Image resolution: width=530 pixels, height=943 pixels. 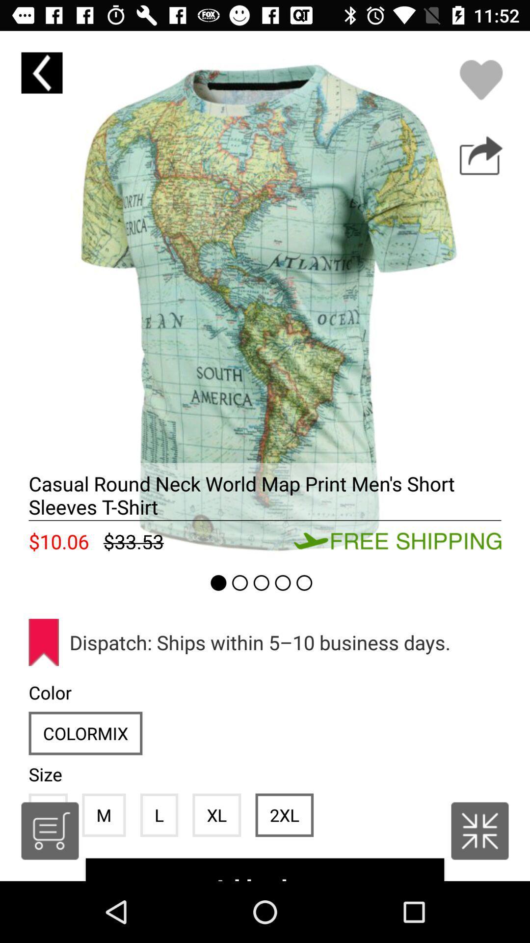 What do you see at coordinates (50, 831) in the screenshot?
I see `the cart icon` at bounding box center [50, 831].